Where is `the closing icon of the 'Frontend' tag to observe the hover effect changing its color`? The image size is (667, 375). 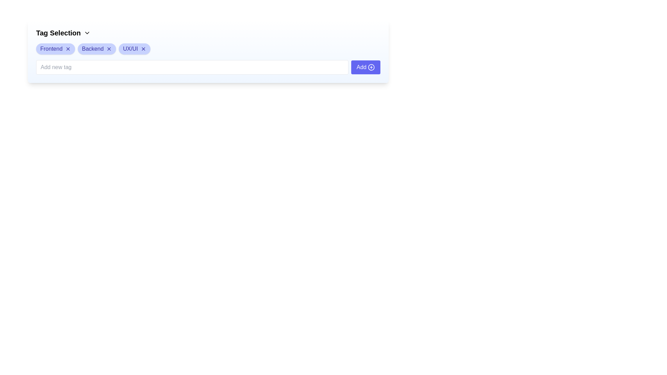 the closing icon of the 'Frontend' tag to observe the hover effect changing its color is located at coordinates (68, 49).